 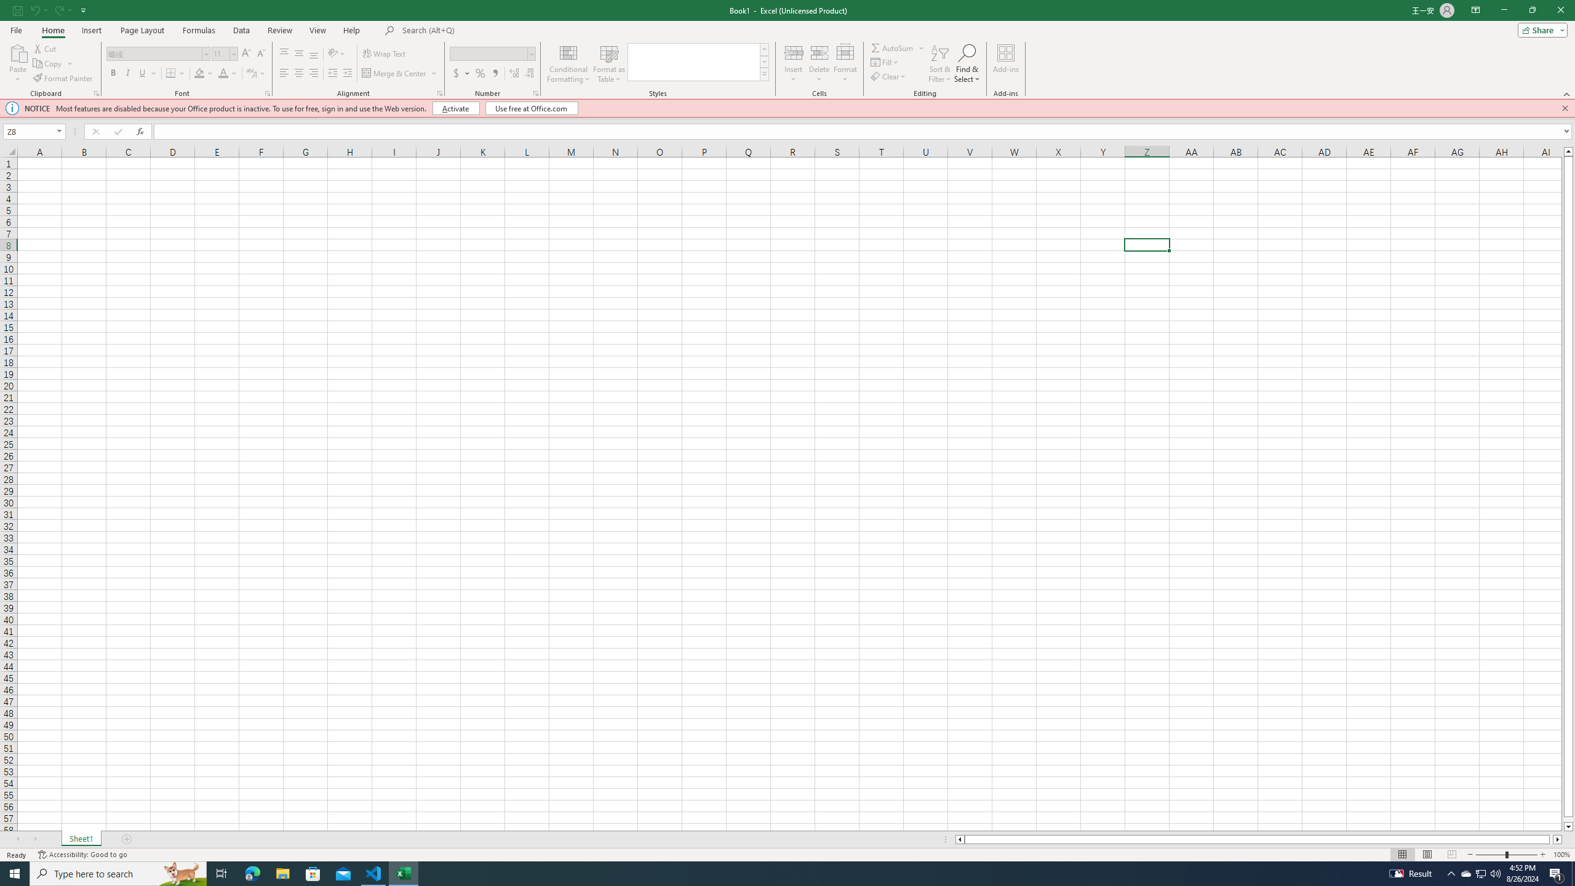 What do you see at coordinates (514, 73) in the screenshot?
I see `'Increase Decimal'` at bounding box center [514, 73].